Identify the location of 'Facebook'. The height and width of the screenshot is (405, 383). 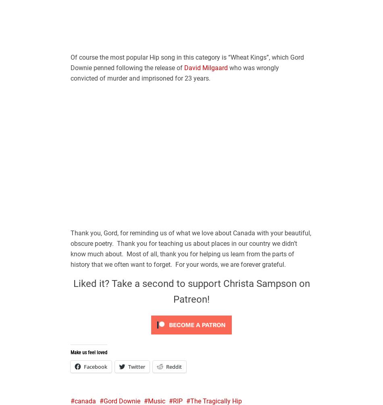
(96, 366).